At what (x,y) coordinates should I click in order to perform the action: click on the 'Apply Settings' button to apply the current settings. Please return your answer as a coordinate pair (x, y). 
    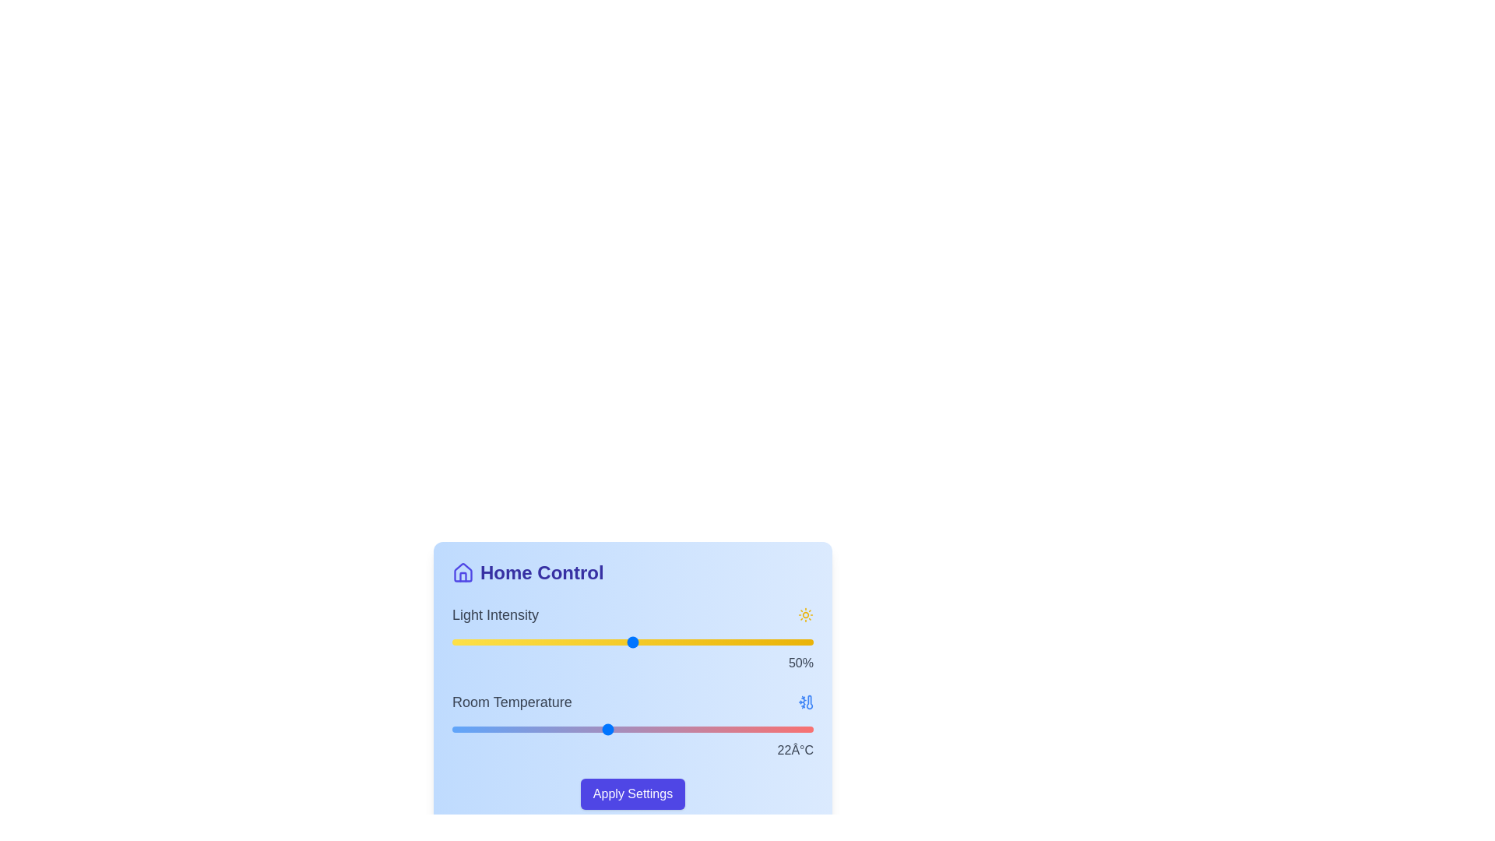
    Looking at the image, I should click on (632, 793).